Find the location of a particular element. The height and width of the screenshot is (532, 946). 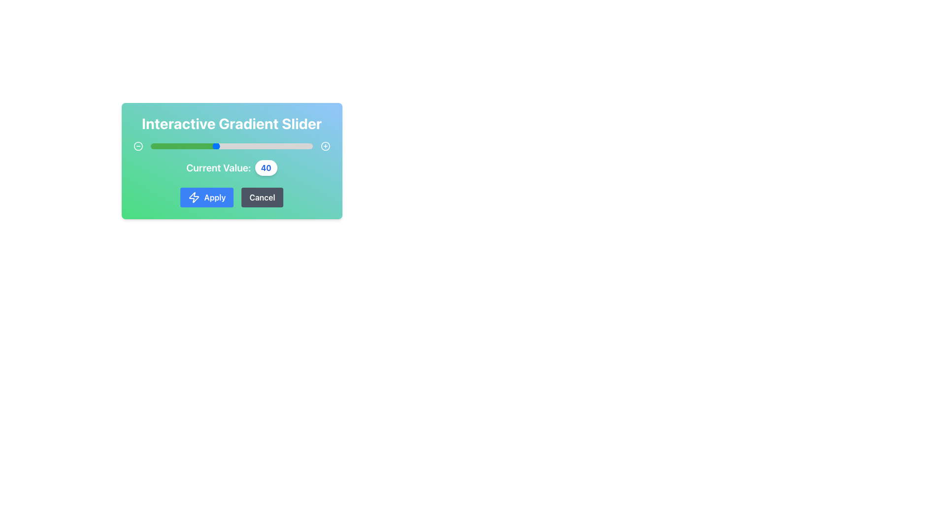

the circular graphic element that serves as part of the minimalist icon structure located towards the top-left corner of the interface is located at coordinates (137, 146).